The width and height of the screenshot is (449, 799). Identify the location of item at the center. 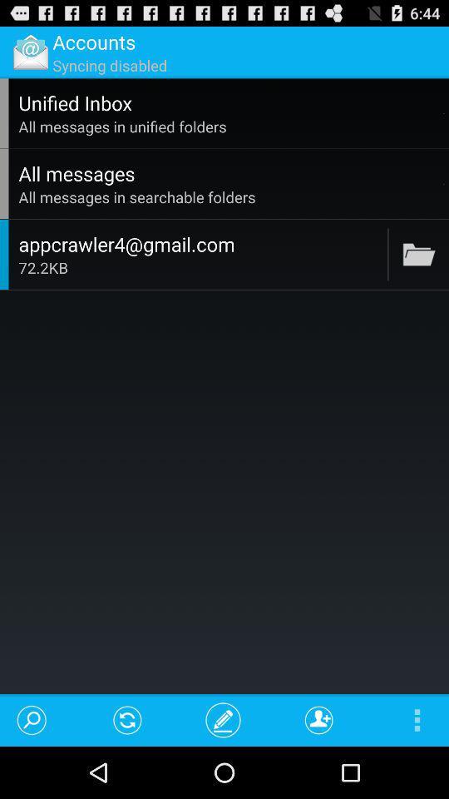
(200, 267).